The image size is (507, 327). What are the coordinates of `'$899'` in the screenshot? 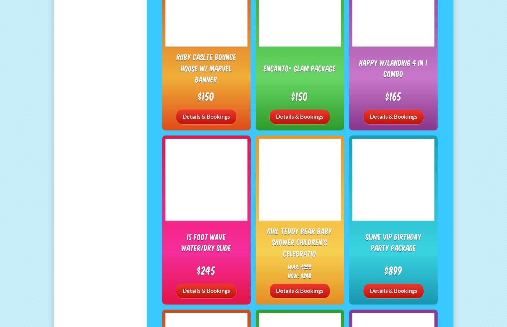 It's located at (393, 270).